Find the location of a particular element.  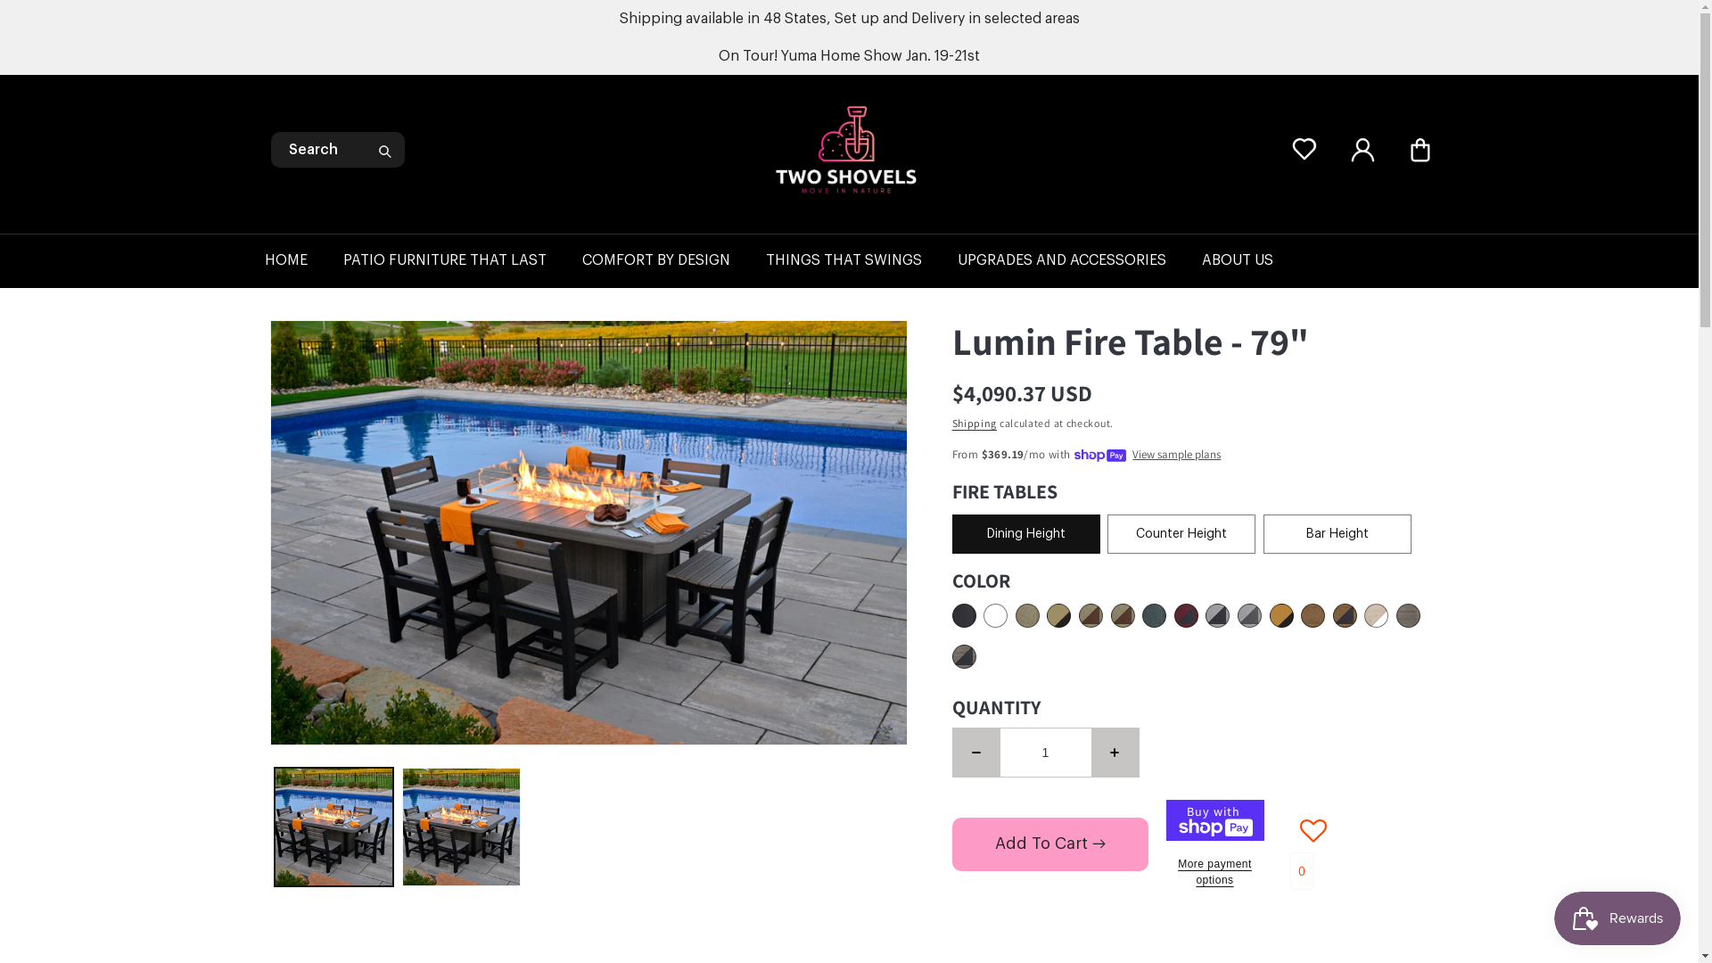

'Shipping' is located at coordinates (951, 423).